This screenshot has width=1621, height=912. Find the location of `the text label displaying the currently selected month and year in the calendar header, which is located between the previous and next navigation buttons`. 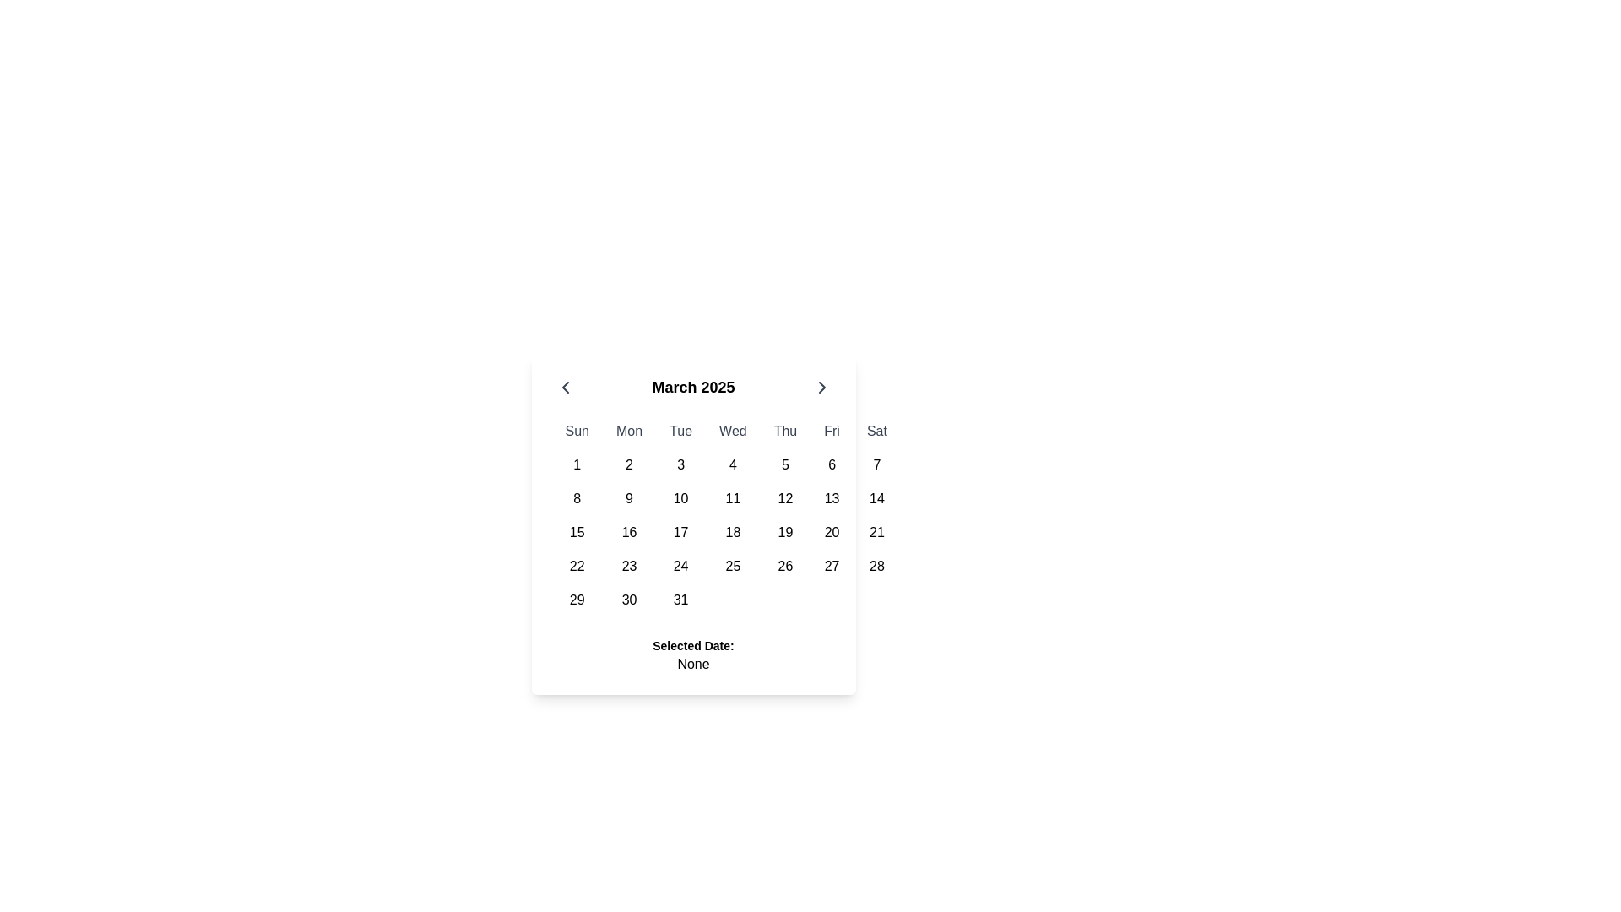

the text label displaying the currently selected month and year in the calendar header, which is located between the previous and next navigation buttons is located at coordinates (693, 388).